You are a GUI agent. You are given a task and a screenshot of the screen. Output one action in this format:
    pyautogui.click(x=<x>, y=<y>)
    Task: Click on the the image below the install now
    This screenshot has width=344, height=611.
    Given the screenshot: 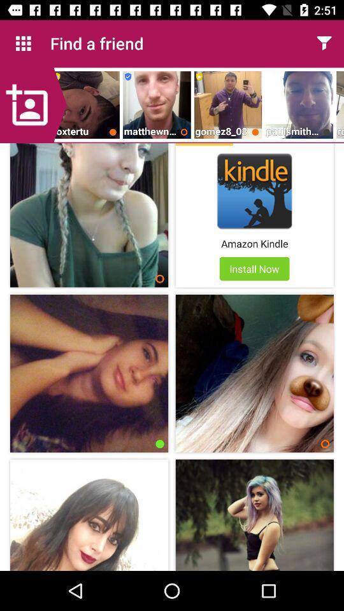 What is the action you would take?
    pyautogui.click(x=254, y=374)
    